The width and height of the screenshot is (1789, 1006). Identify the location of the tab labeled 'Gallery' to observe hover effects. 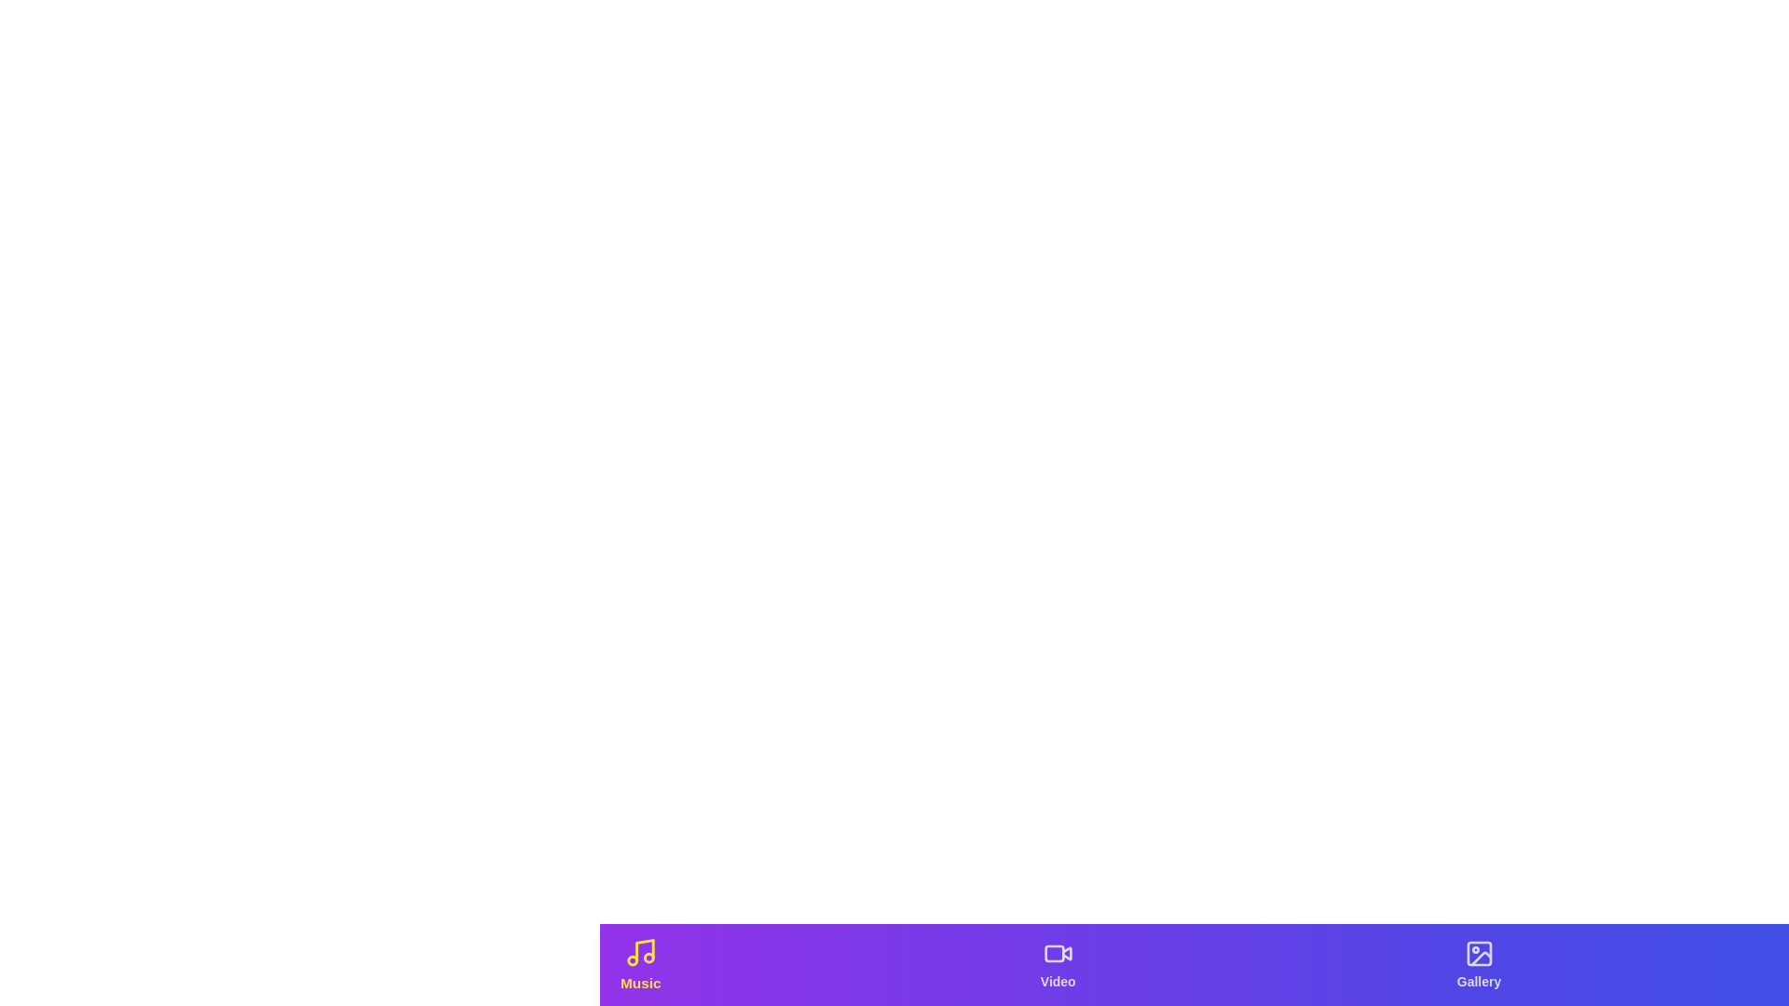
(1478, 964).